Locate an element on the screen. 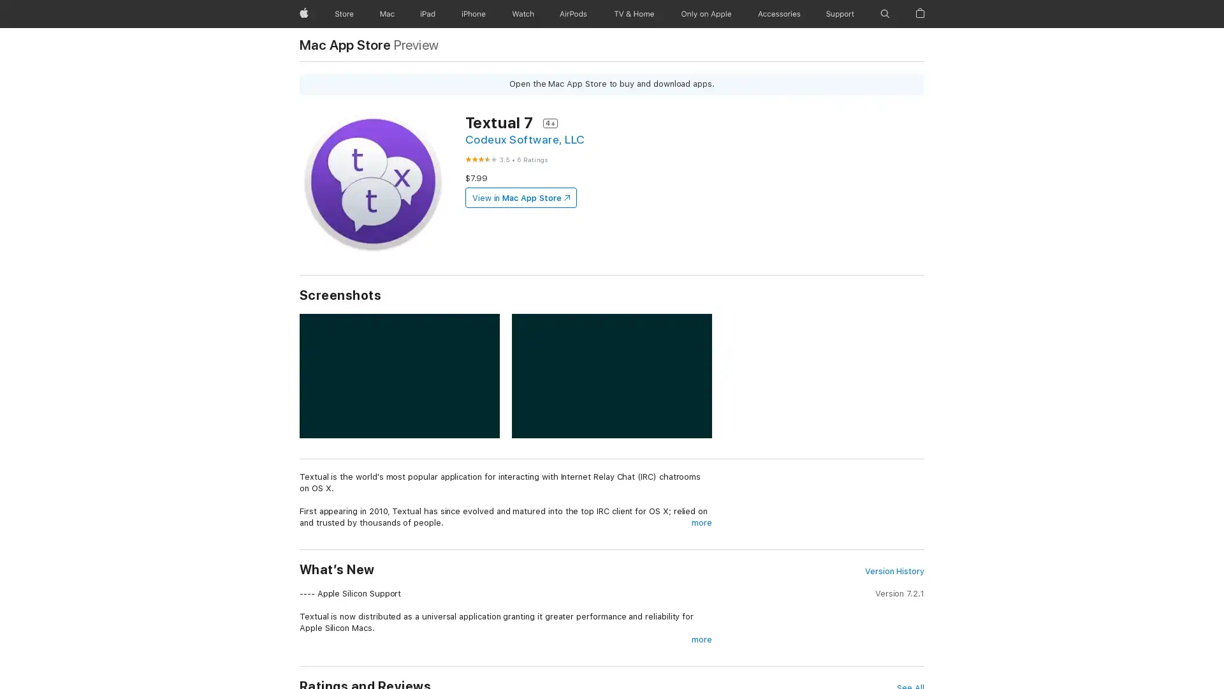 This screenshot has height=689, width=1224. View in Mac App Store is located at coordinates (520, 197).